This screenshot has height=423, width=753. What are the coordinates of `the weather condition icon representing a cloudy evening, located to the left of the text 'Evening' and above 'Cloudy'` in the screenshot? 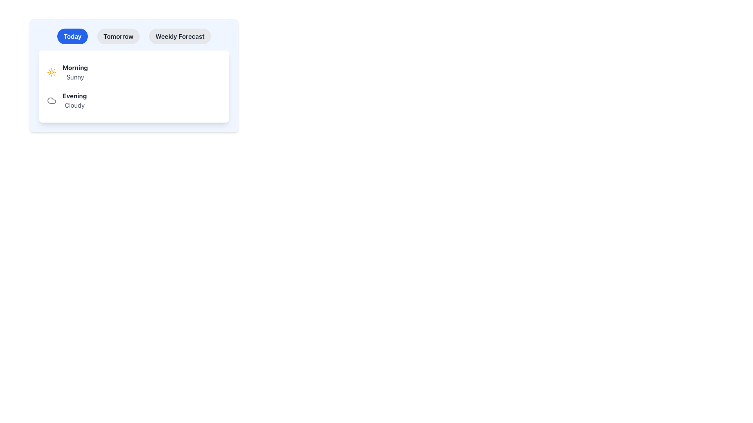 It's located at (51, 100).